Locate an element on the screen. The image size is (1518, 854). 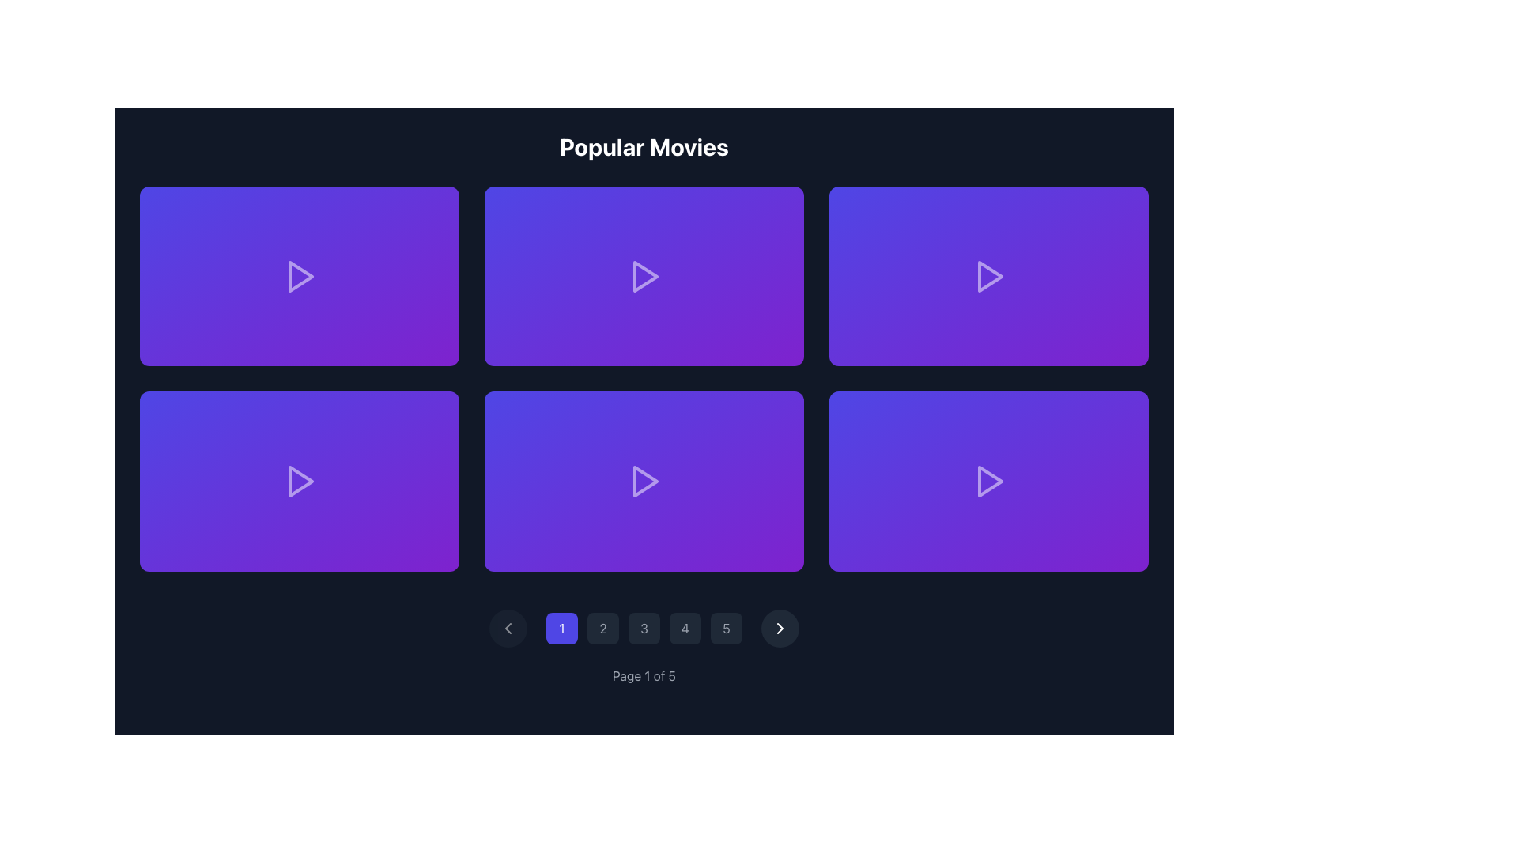
the clickable media card located in the second row and second column of the grid, which serves as a placeholder for video or media interaction is located at coordinates (644, 480).